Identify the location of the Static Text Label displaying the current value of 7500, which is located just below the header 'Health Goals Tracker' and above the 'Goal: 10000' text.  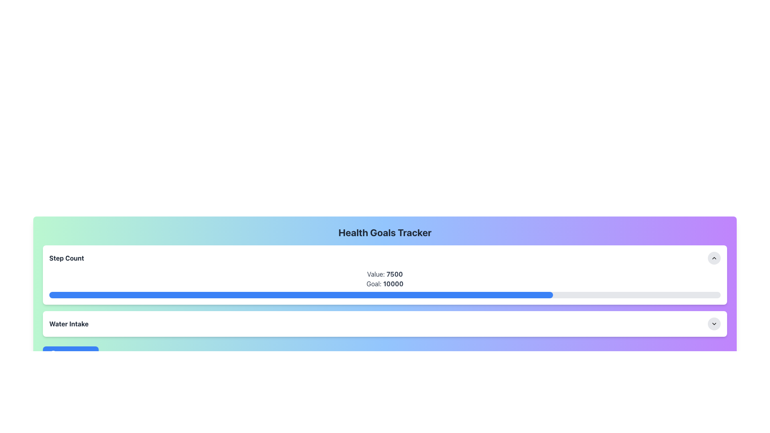
(385, 273).